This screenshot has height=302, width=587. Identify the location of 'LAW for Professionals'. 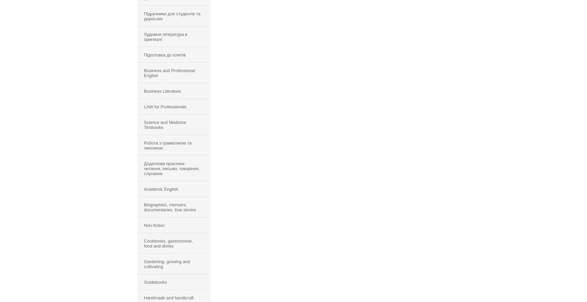
(144, 107).